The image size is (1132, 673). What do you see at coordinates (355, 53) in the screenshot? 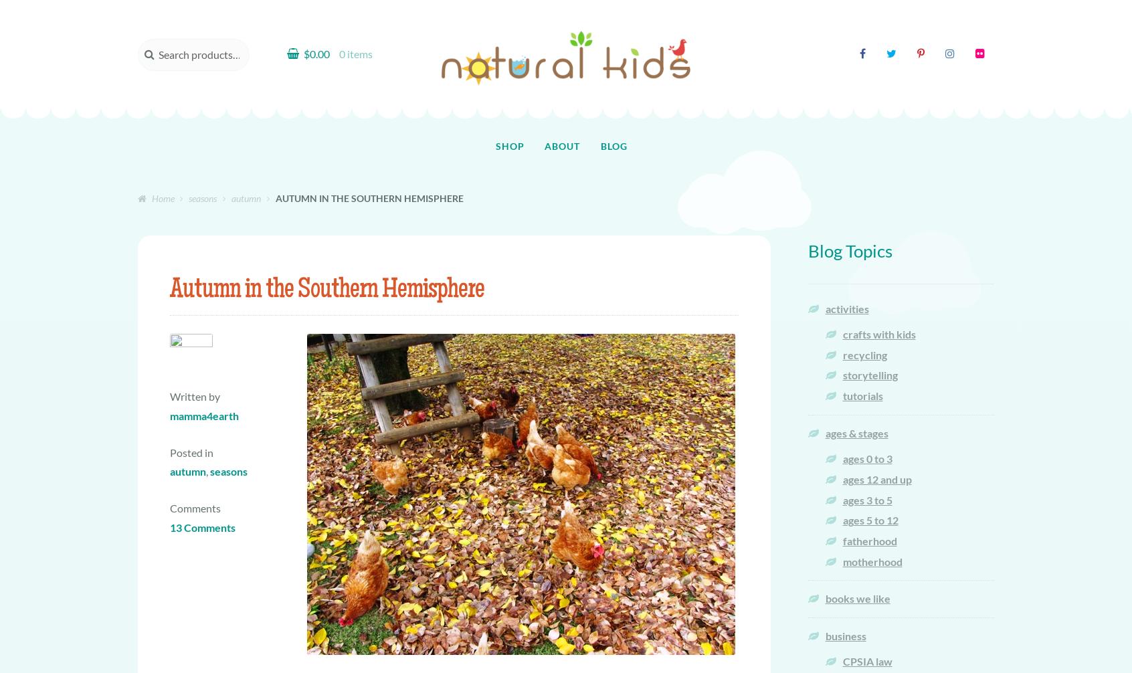
I see `'0 items'` at bounding box center [355, 53].